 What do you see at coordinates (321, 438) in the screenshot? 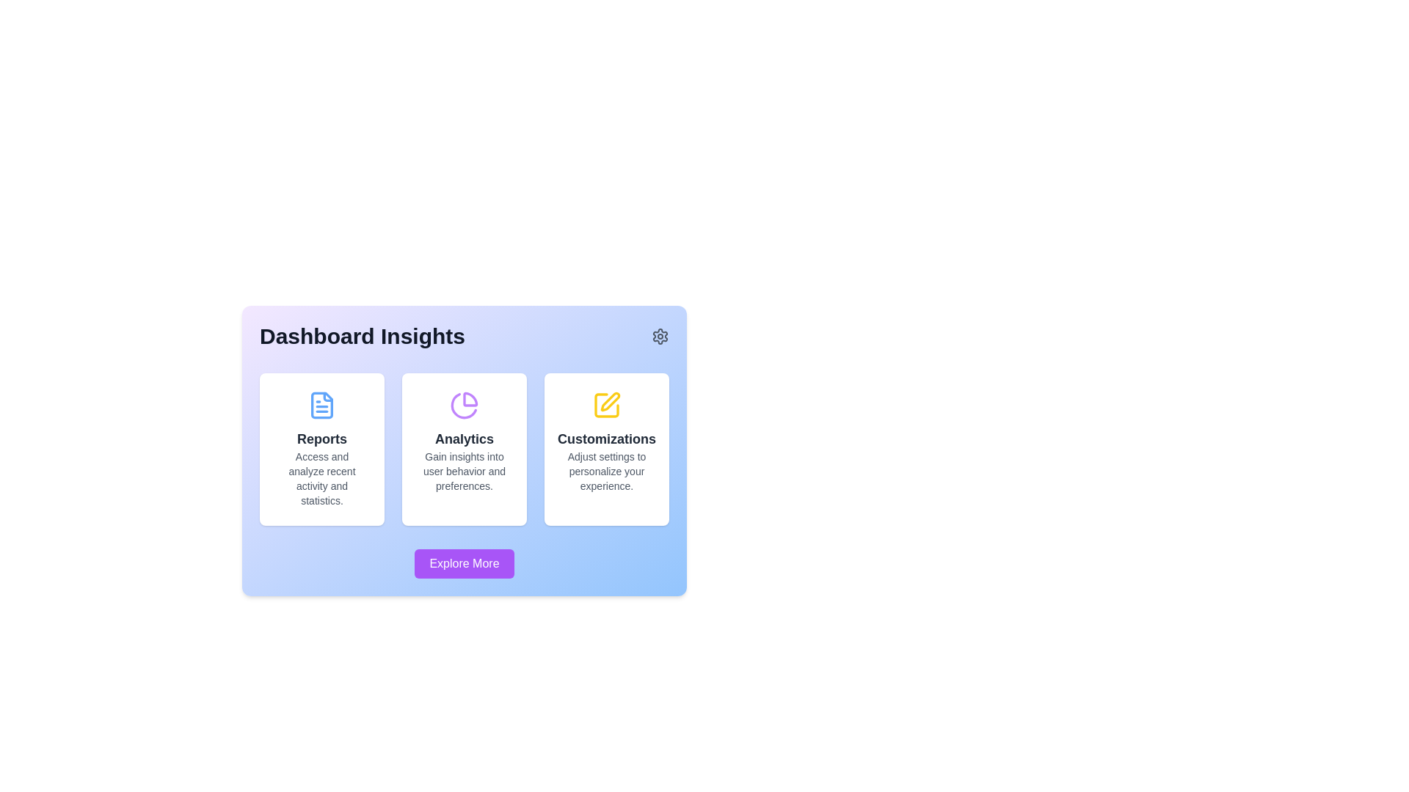
I see `the 'Reports' title text label that is located above the text 'Access and analyze recent activity and statistics.' and below a blue document icon in the first card of the 'Dashboard Insights'` at bounding box center [321, 438].